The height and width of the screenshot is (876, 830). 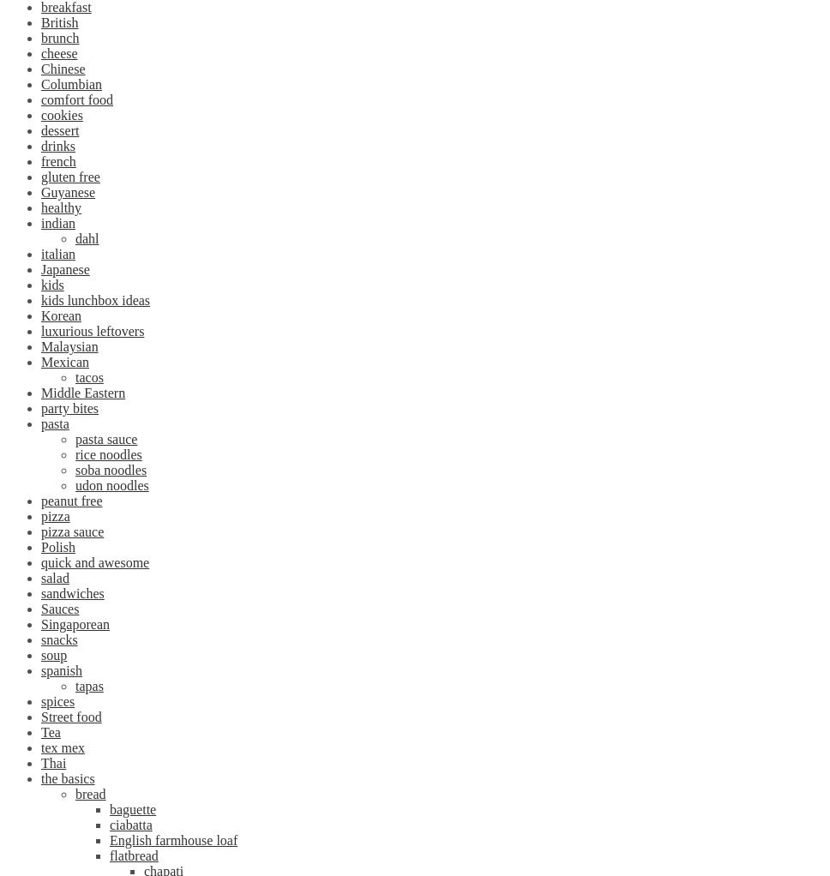 I want to click on 'pasta sauce', so click(x=105, y=438).